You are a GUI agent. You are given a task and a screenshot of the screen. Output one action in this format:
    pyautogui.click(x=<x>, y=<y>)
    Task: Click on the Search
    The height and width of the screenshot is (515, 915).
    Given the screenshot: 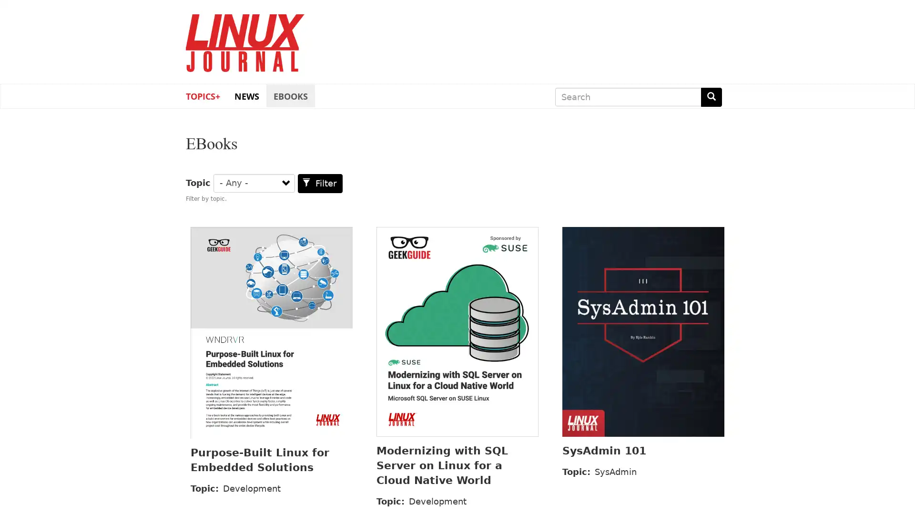 What is the action you would take?
    pyautogui.click(x=711, y=97)
    